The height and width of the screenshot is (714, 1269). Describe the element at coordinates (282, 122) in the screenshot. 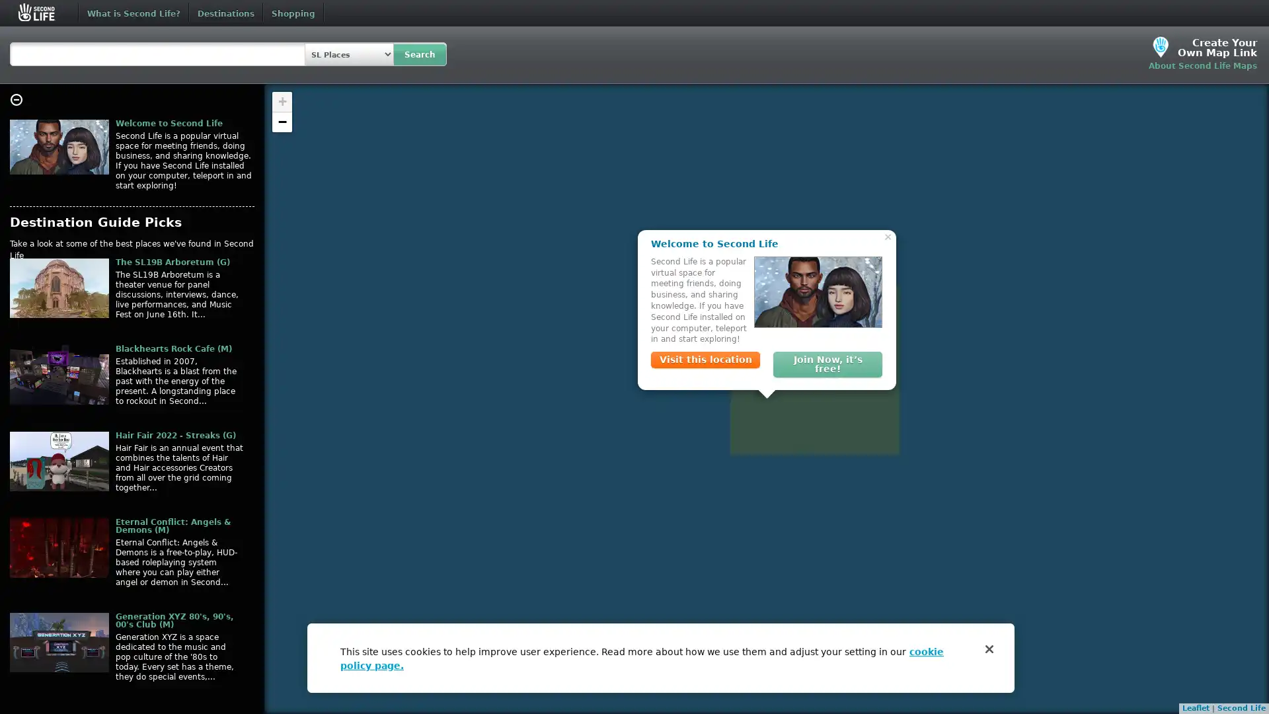

I see `Zoom out` at that location.